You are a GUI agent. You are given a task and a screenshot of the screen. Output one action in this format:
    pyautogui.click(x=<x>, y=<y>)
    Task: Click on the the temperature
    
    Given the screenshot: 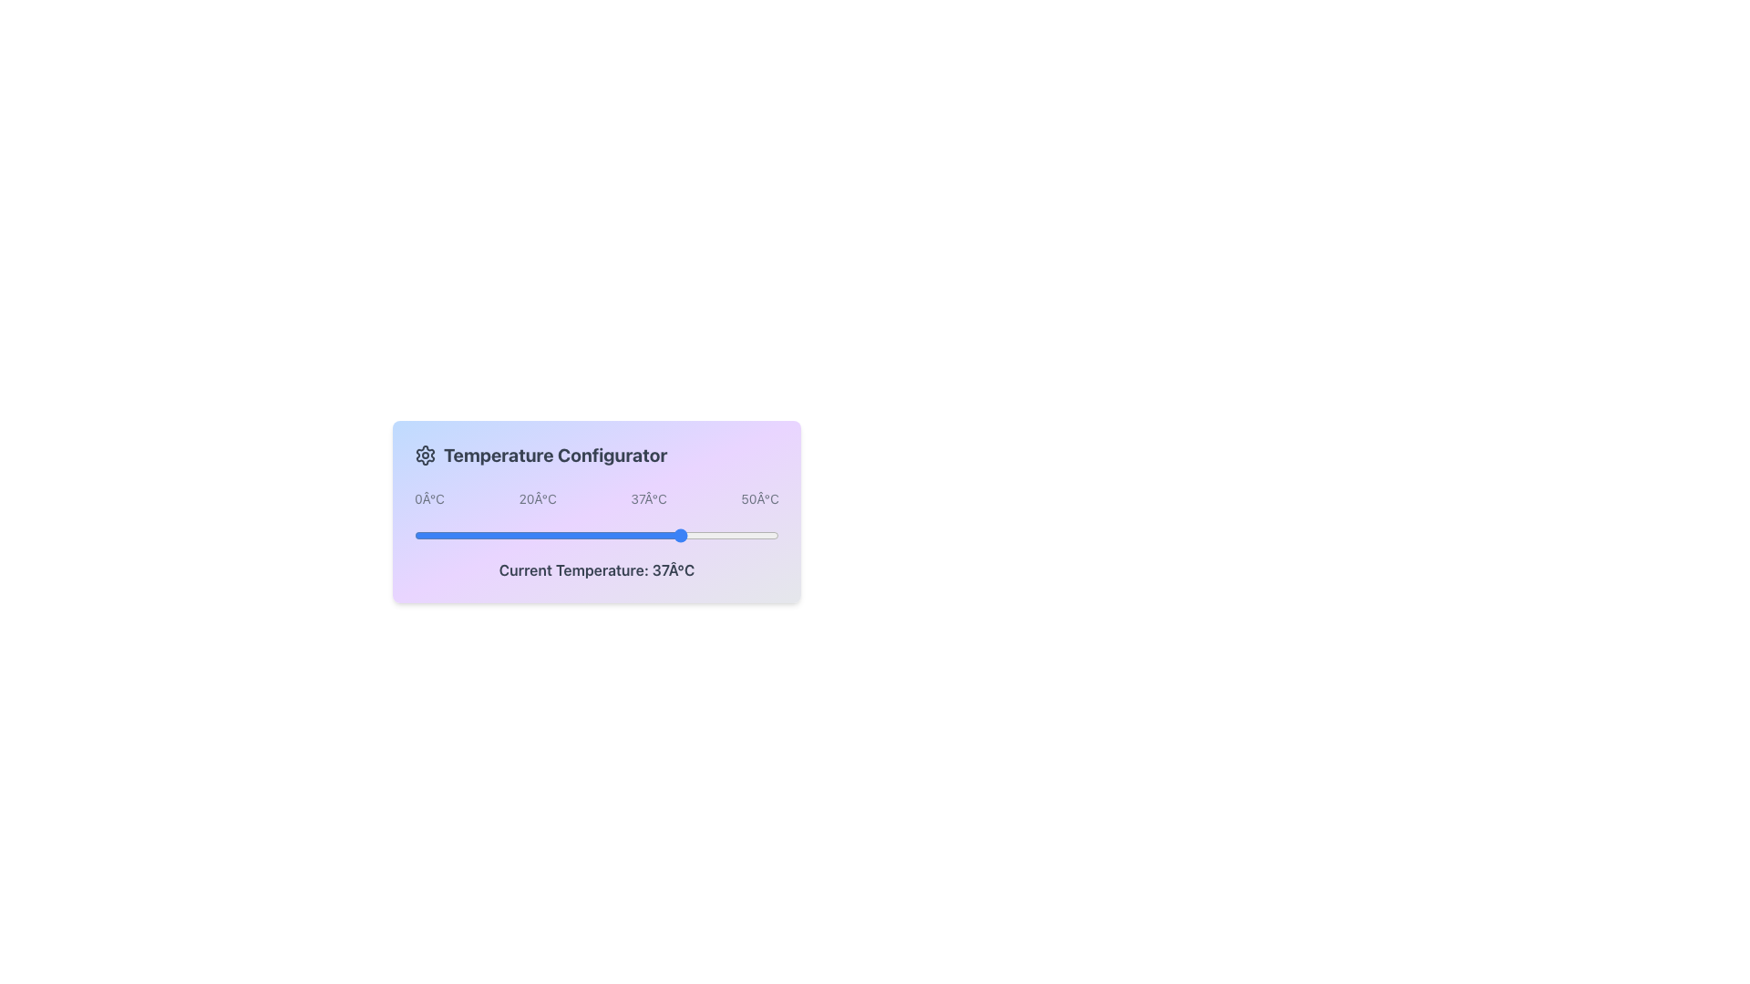 What is the action you would take?
    pyautogui.click(x=705, y=534)
    